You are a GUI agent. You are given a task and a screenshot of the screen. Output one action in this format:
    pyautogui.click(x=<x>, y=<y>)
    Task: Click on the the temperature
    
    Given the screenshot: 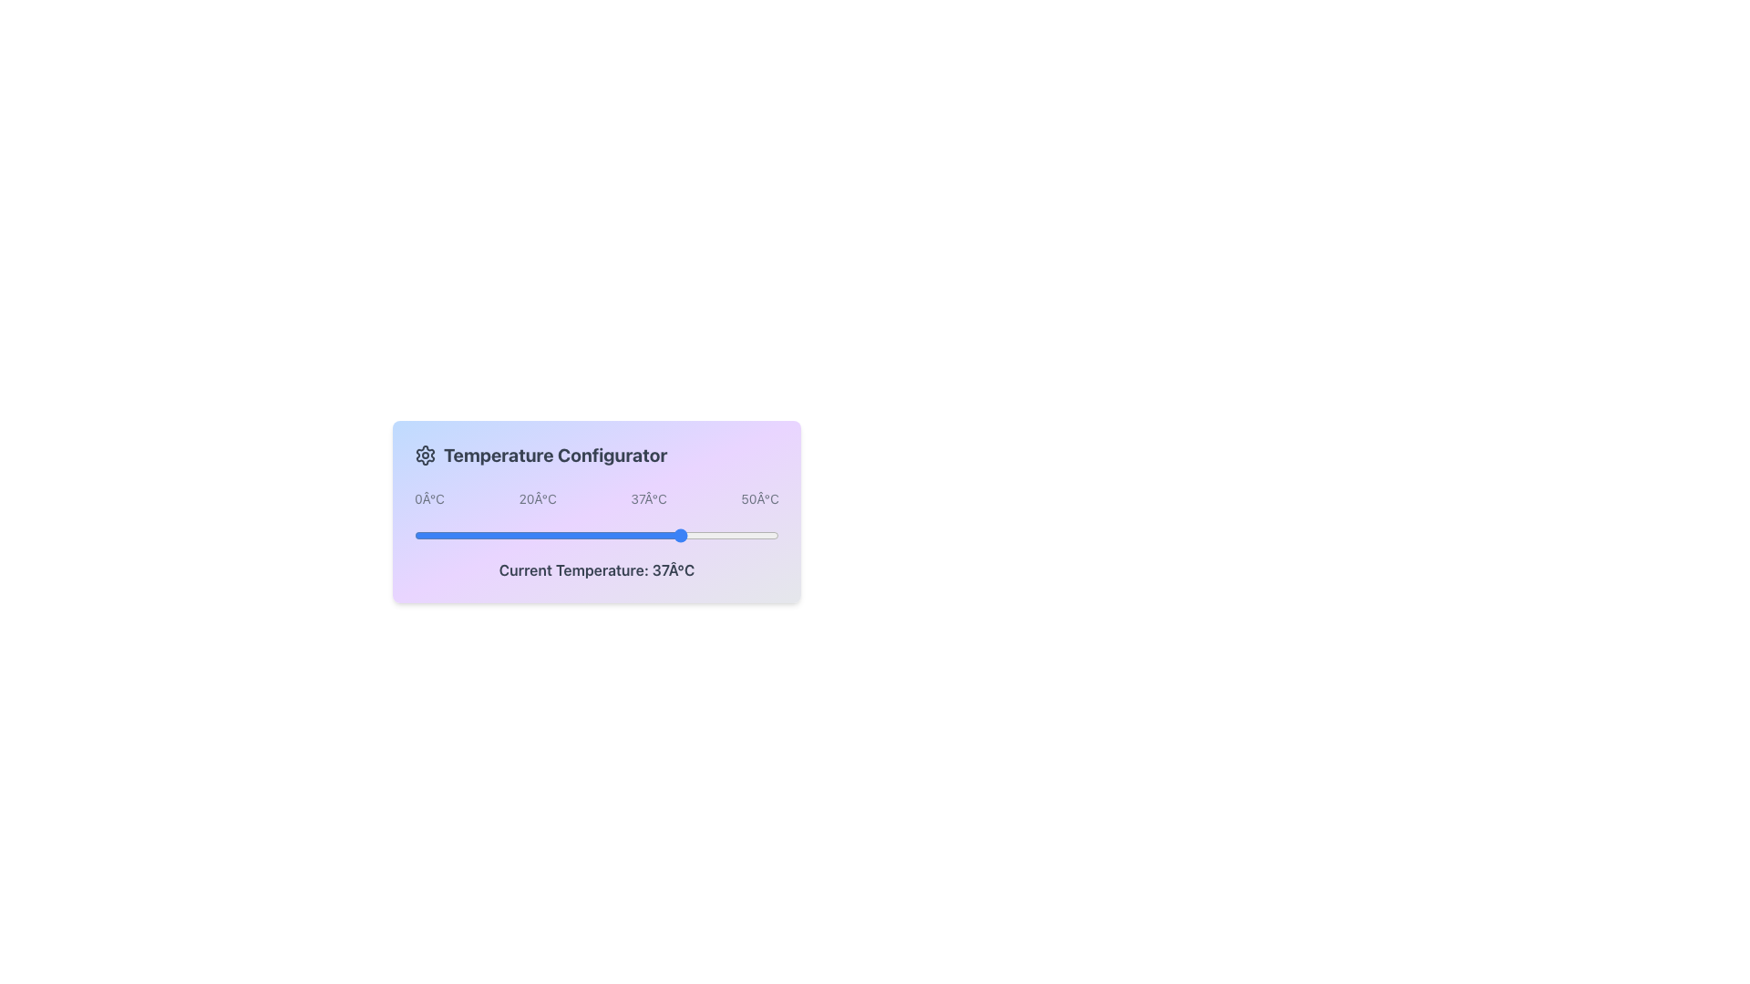 What is the action you would take?
    pyautogui.click(x=705, y=534)
    